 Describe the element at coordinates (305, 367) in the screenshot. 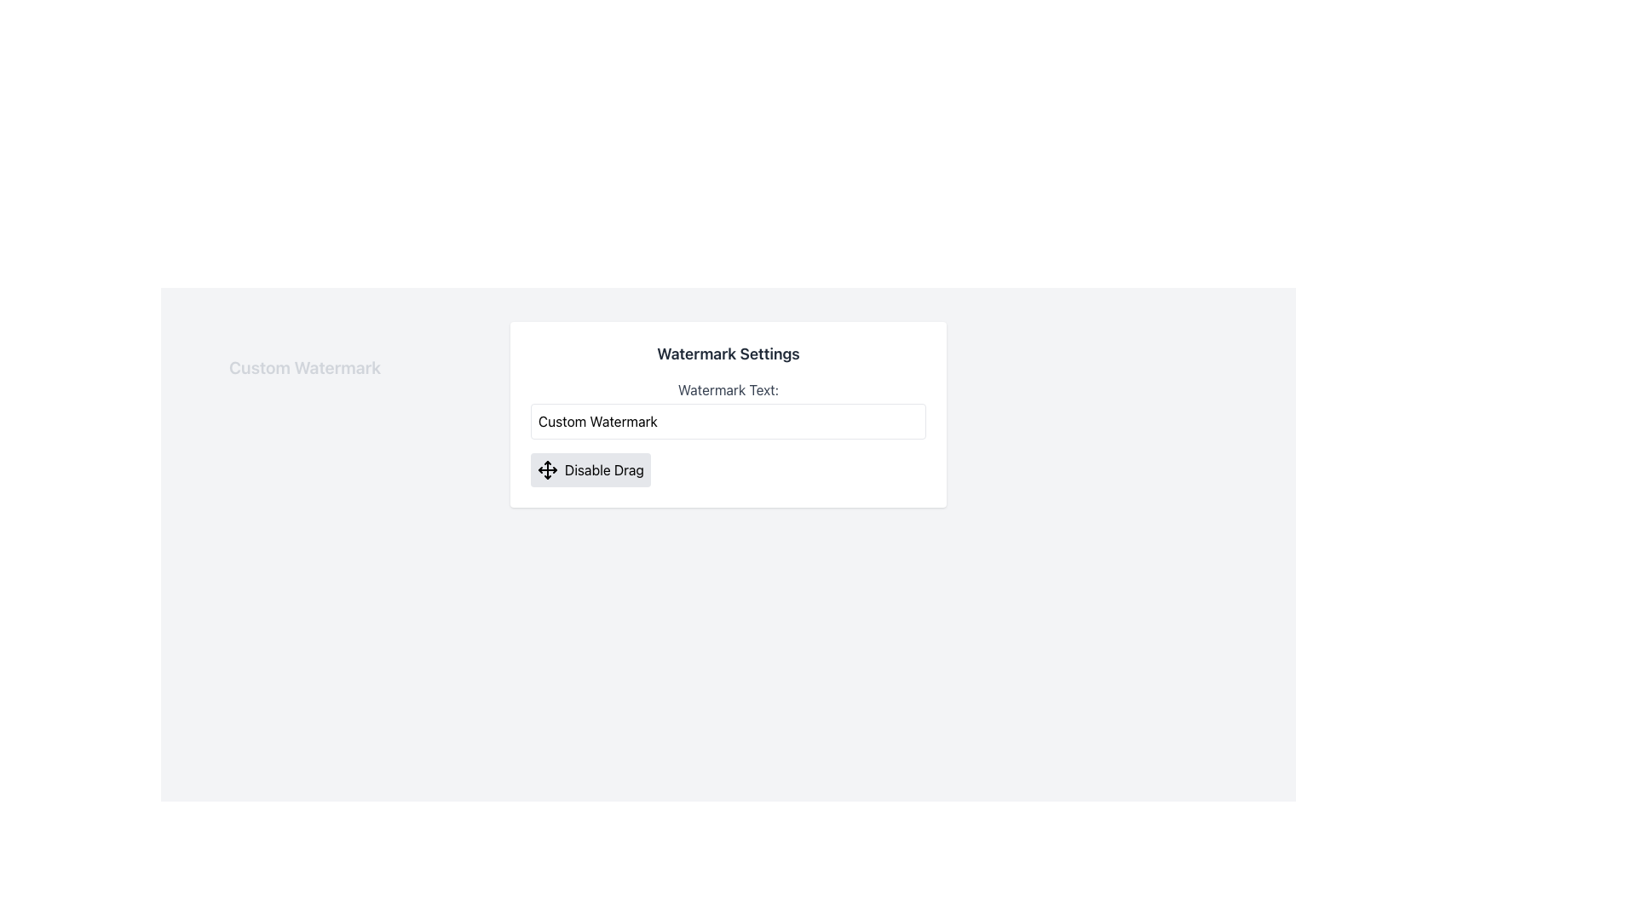

I see `the Draggable Text Label displaying 'Custom Watermark', which is a large gray semi-transparent text overlay located at the top-left of the main content area` at that location.